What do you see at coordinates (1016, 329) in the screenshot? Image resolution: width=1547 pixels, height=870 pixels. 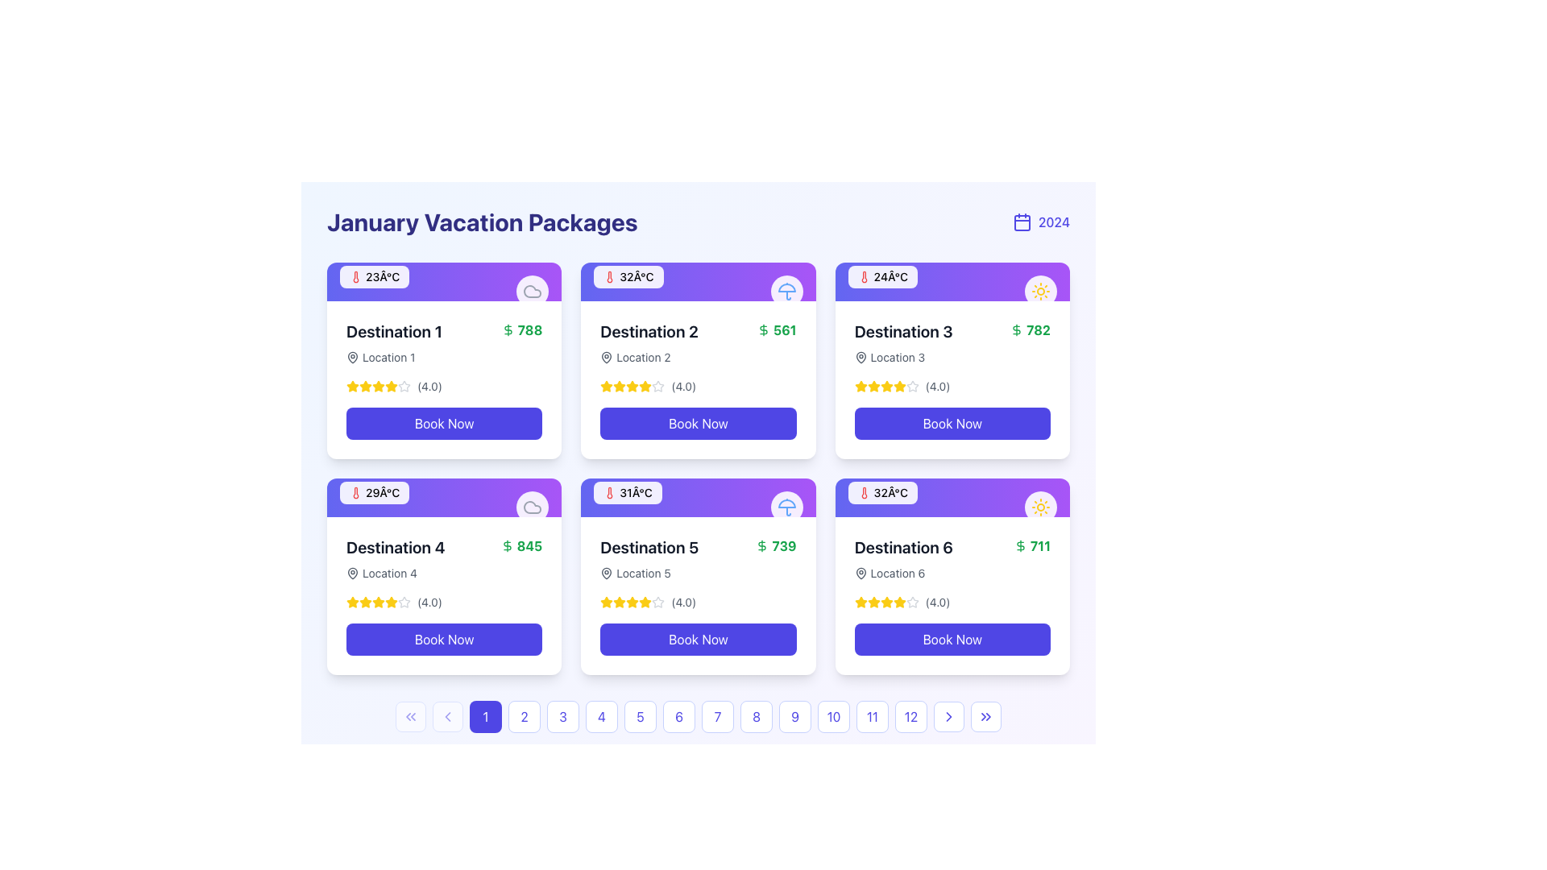 I see `the bold green dollar sign icon located to the left of the numeric value '782' within the card labeled 'Destination 3'` at bounding box center [1016, 329].